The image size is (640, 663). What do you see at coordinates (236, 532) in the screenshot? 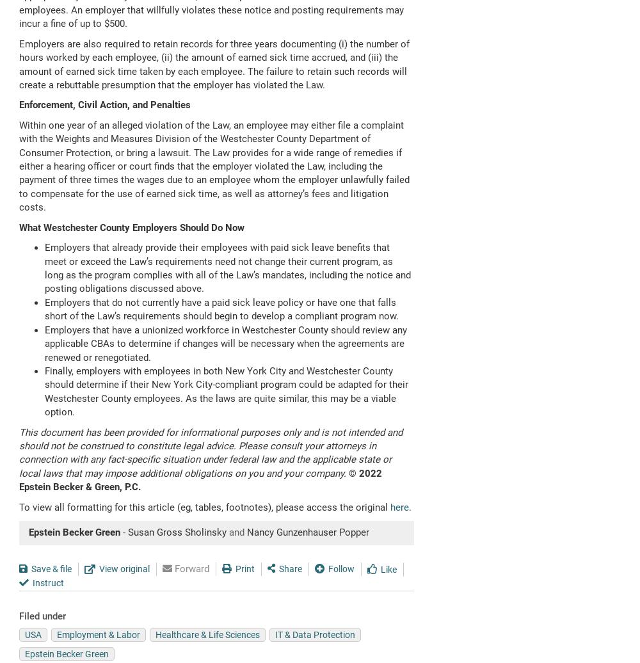
I see `'and'` at bounding box center [236, 532].